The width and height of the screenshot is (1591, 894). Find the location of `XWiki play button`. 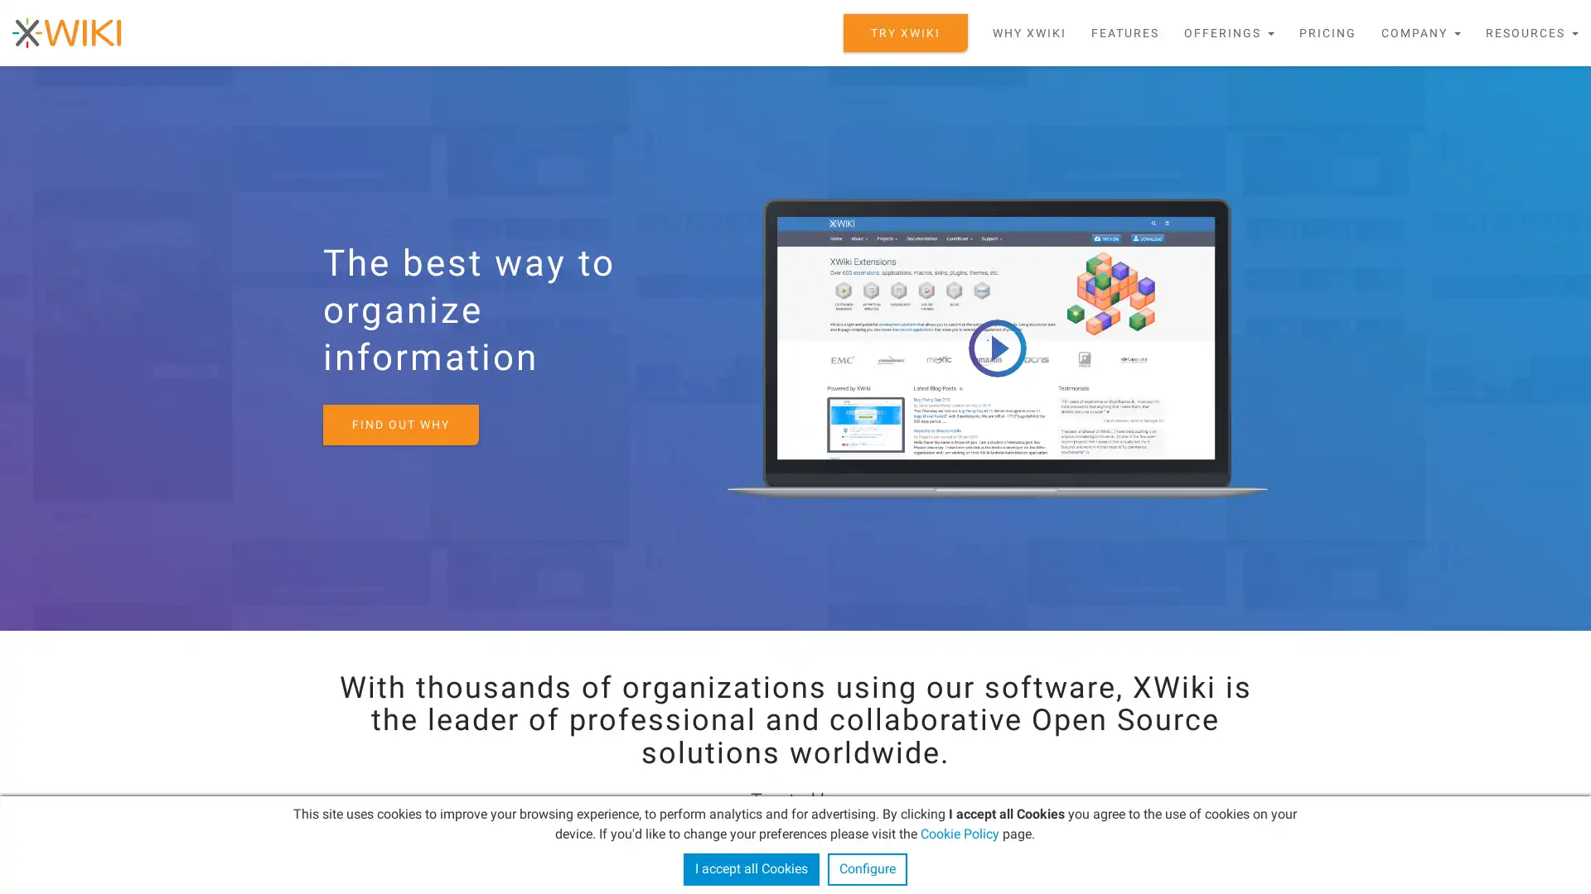

XWiki play button is located at coordinates (996, 347).